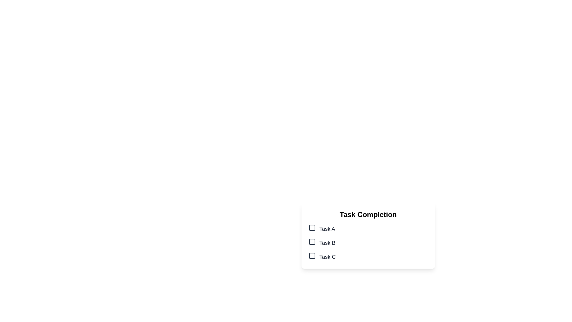 The image size is (572, 322). I want to click on the checkbox indicator for 'Task A', so click(312, 227).